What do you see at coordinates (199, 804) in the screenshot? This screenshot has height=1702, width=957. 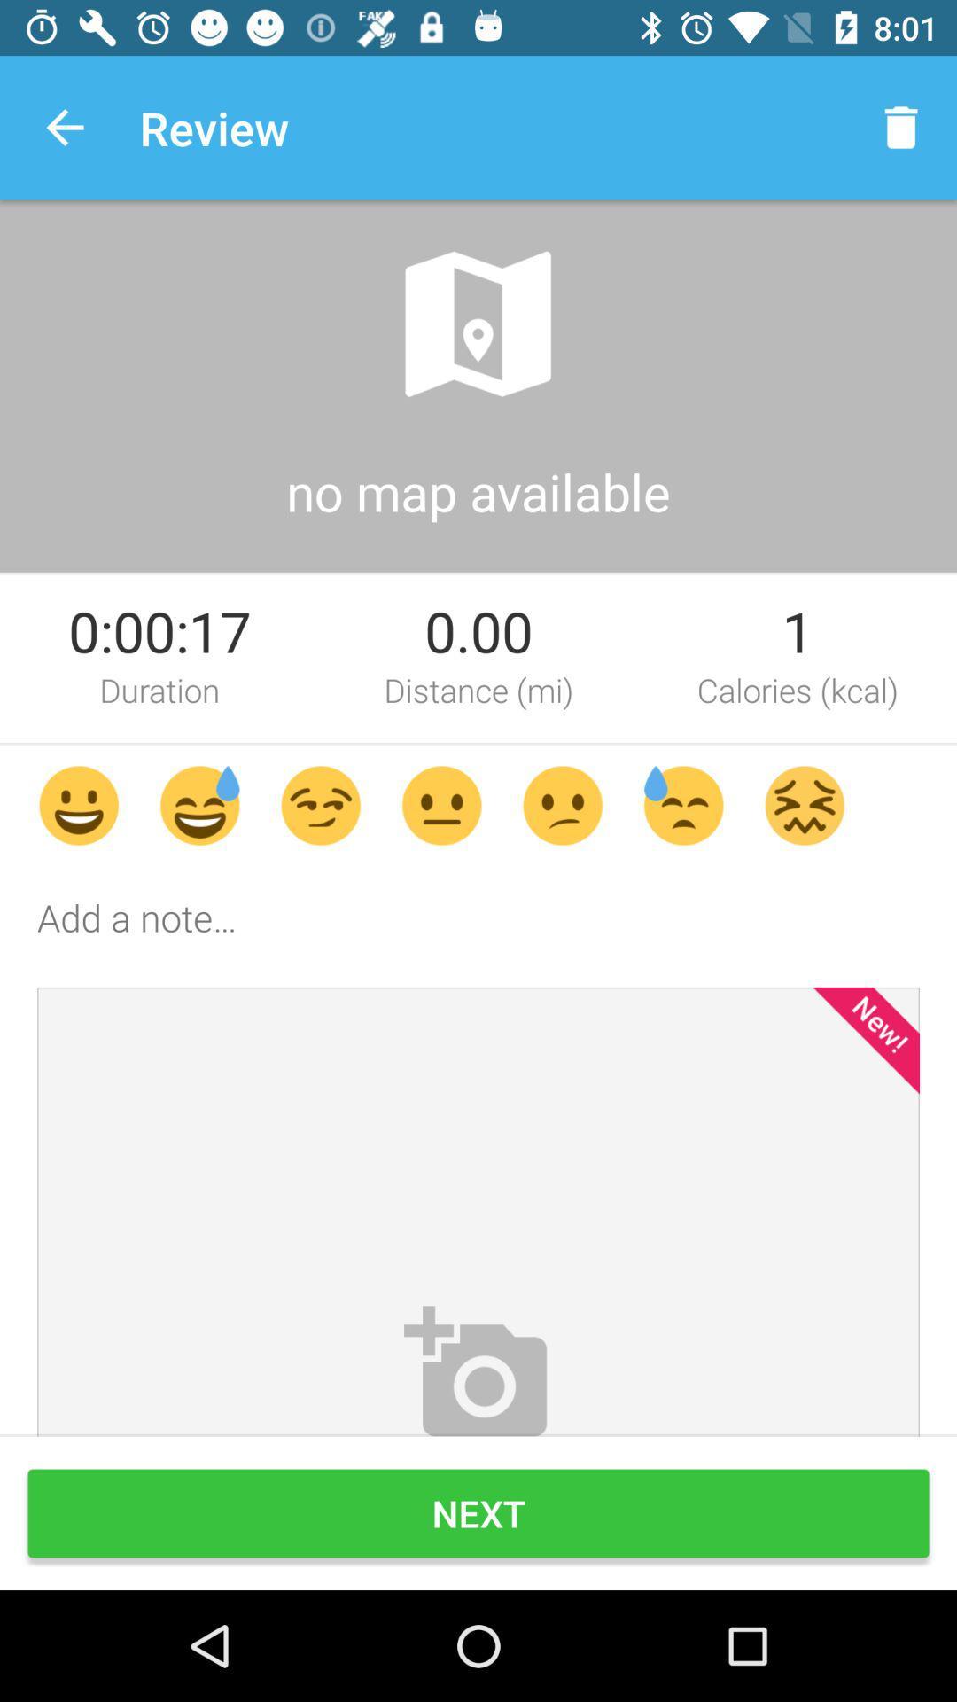 I see `the emoji icon` at bounding box center [199, 804].